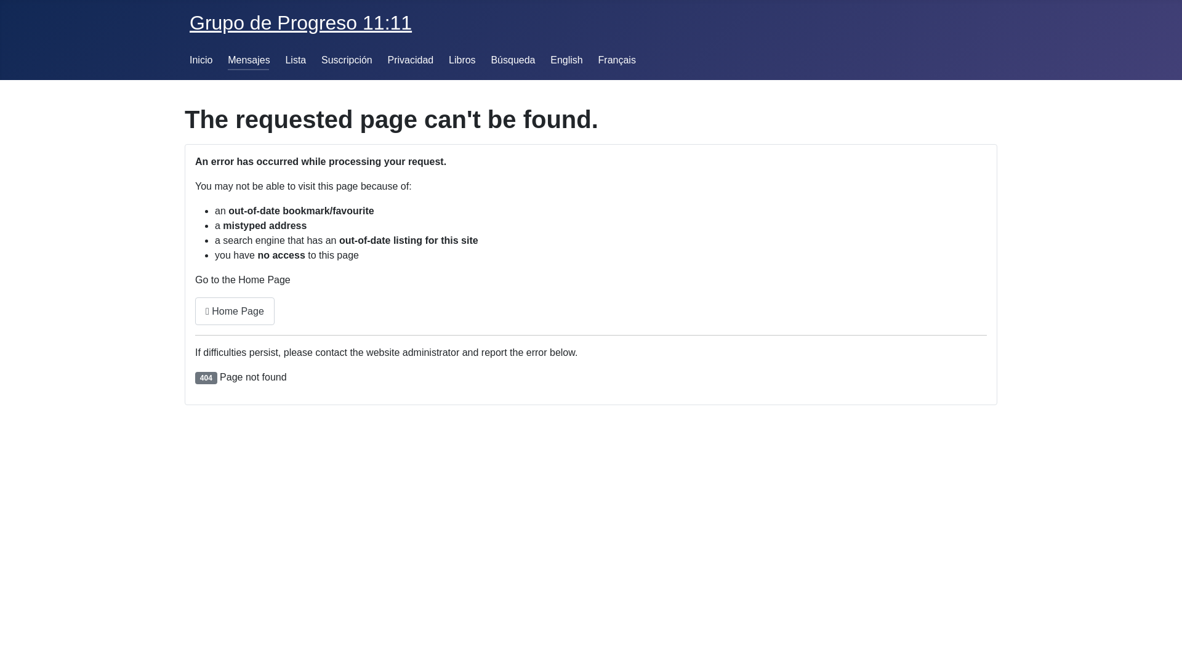  I want to click on 'Libros', so click(461, 60).